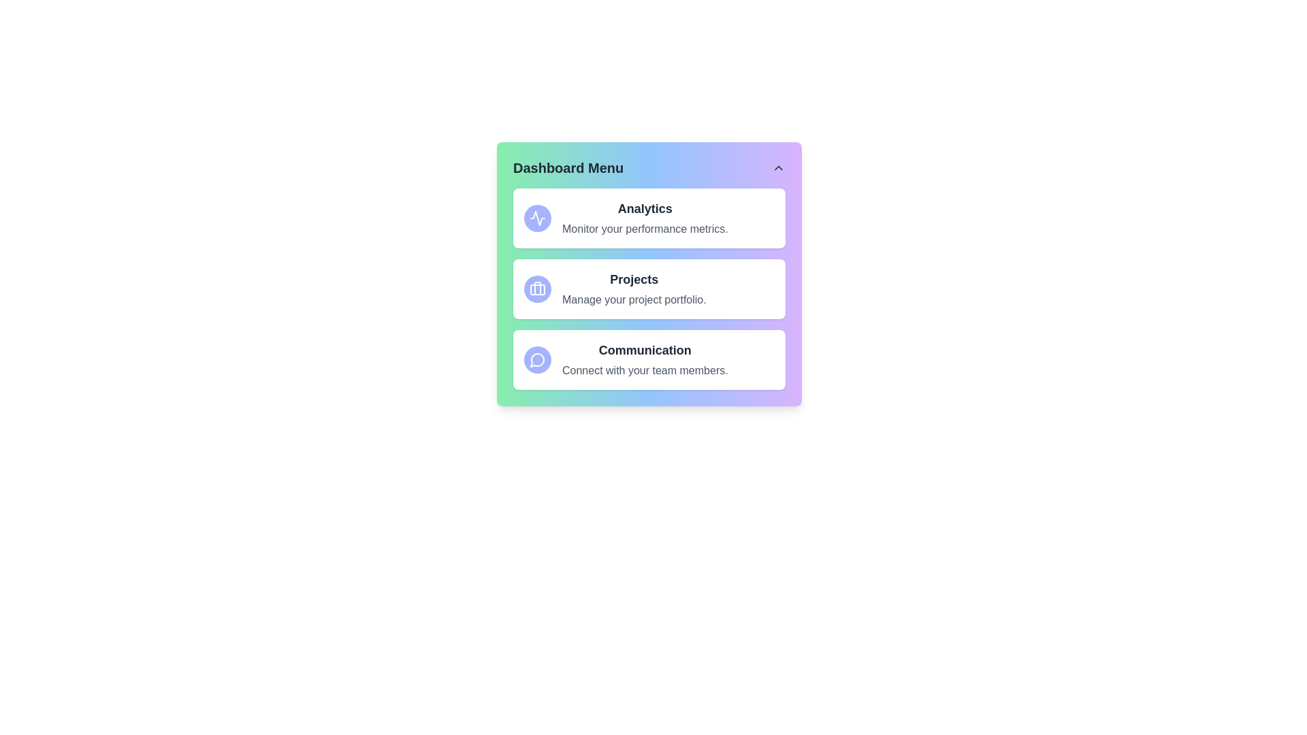  I want to click on the chevron button to toggle the menu's expanded or collapsed state, so click(778, 167).